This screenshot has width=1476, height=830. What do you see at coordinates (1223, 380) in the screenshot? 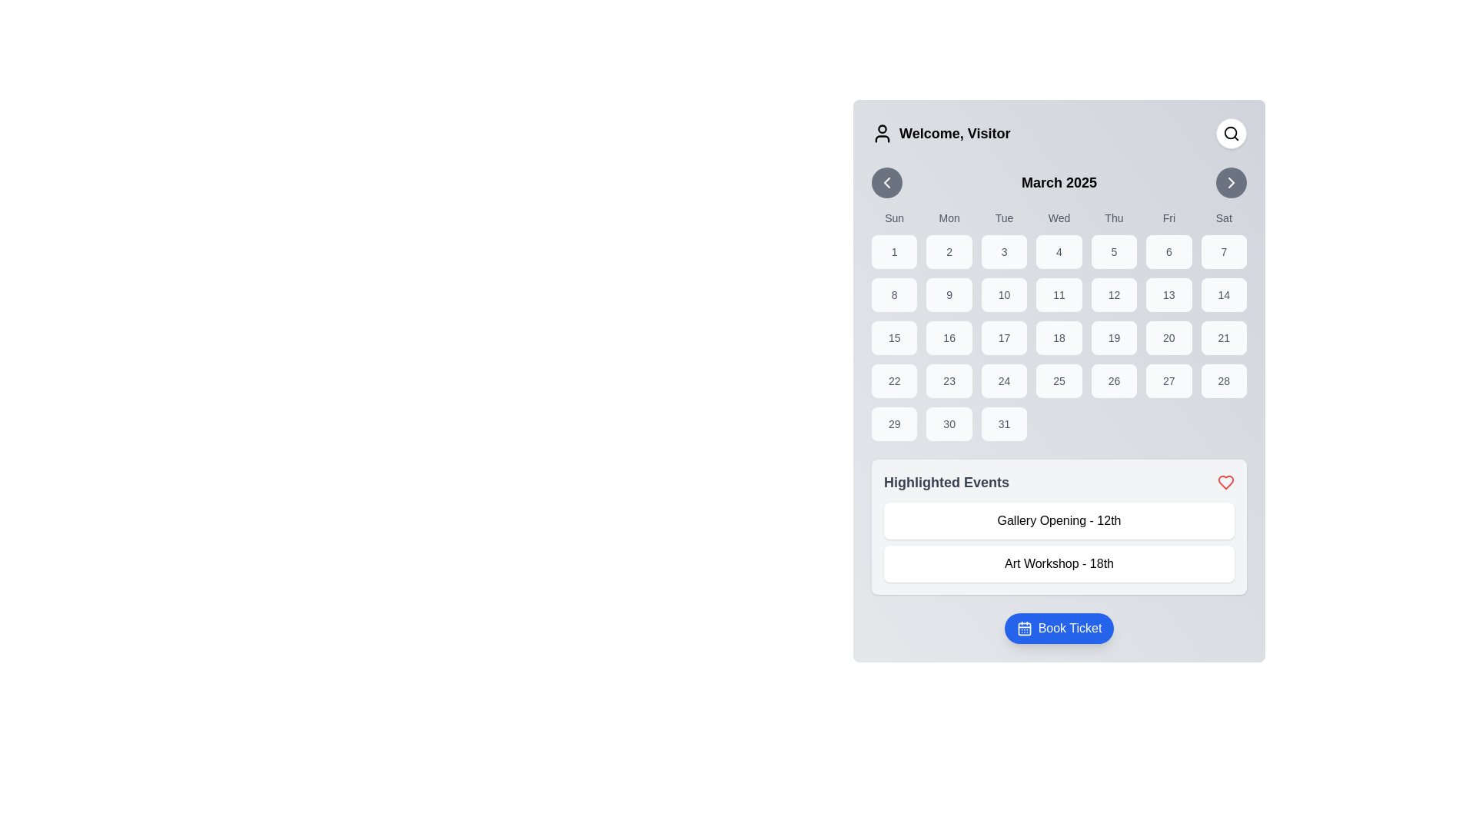
I see `the button labeled '28' at the bottom-right corner of the calendar grid` at bounding box center [1223, 380].